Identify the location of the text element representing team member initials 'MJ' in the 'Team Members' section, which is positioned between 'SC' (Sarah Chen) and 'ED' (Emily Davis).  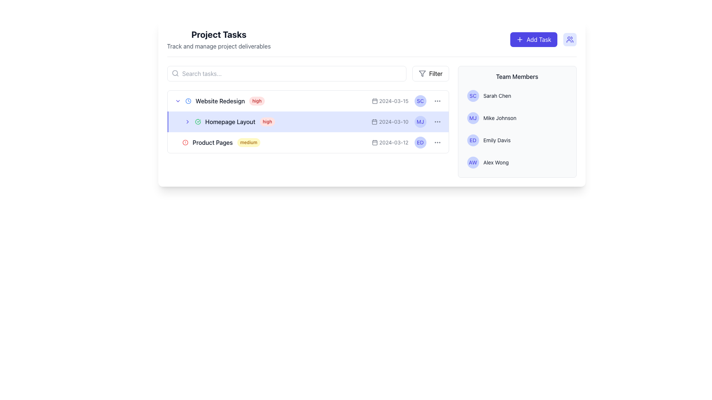
(472, 118).